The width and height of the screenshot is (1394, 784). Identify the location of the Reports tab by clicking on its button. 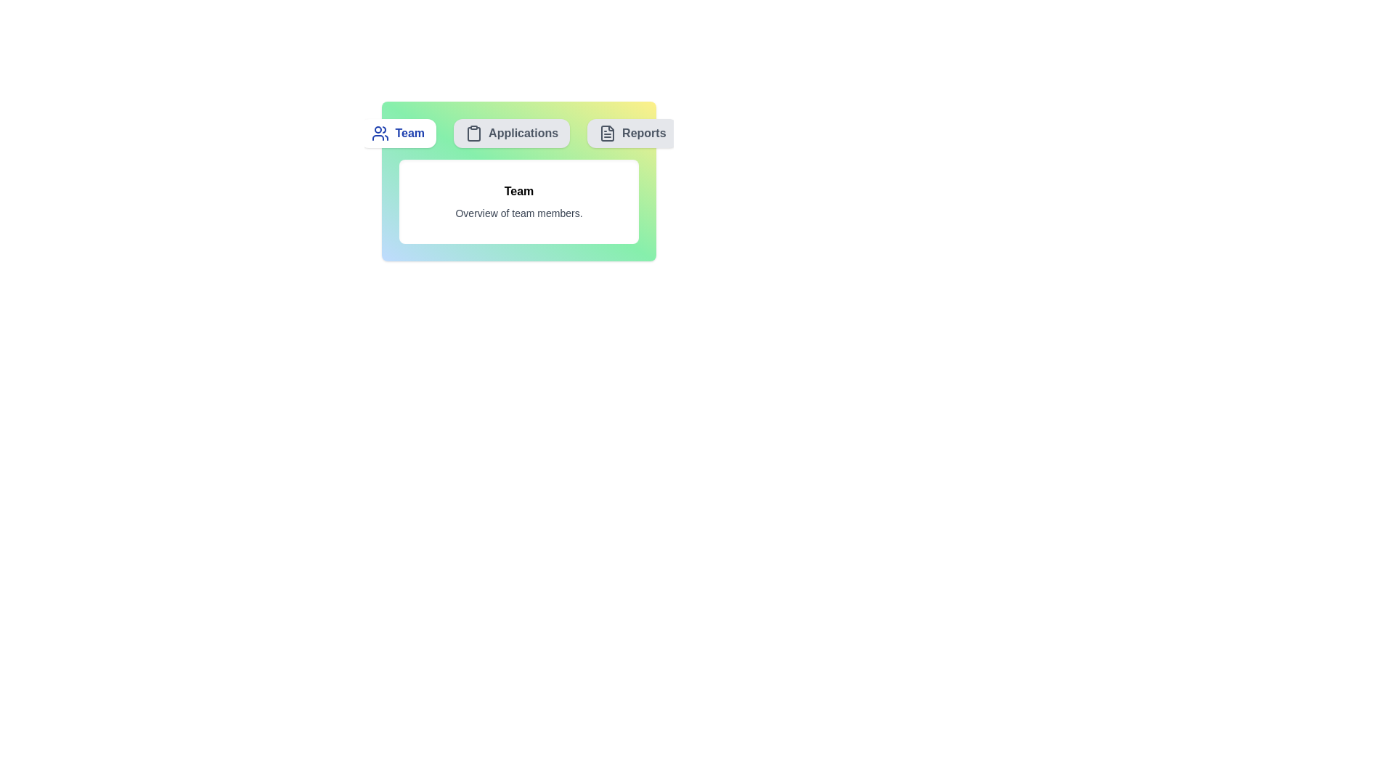
(632, 134).